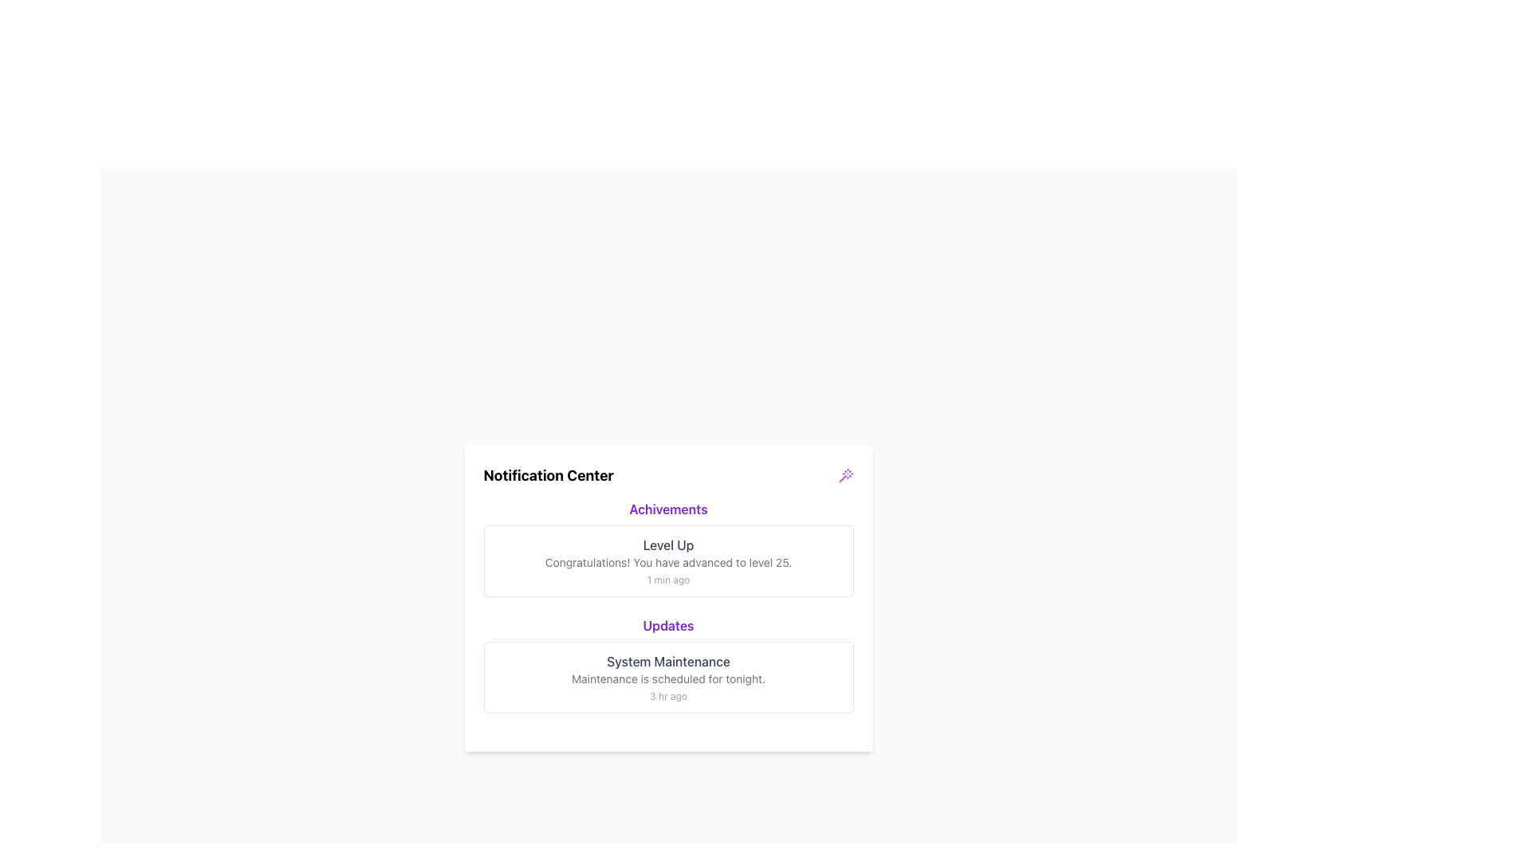 The image size is (1531, 861). Describe the element at coordinates (668, 679) in the screenshot. I see `the text label displaying the message 'Maintenance is scheduled for tonight.' which is located within the 'System Maintenance' bordered card in the Notification Center` at that location.